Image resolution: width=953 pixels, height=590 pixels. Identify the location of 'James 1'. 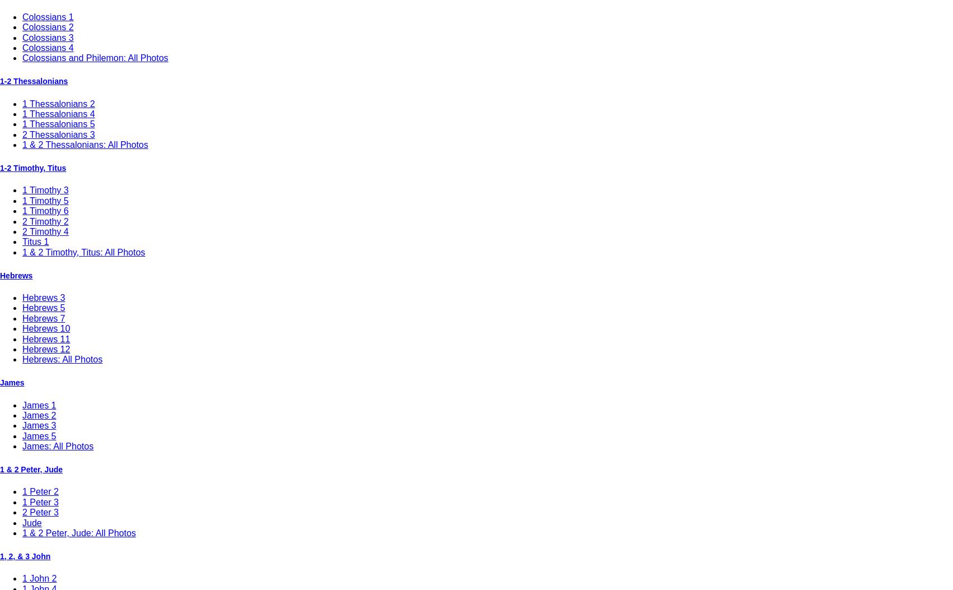
(22, 404).